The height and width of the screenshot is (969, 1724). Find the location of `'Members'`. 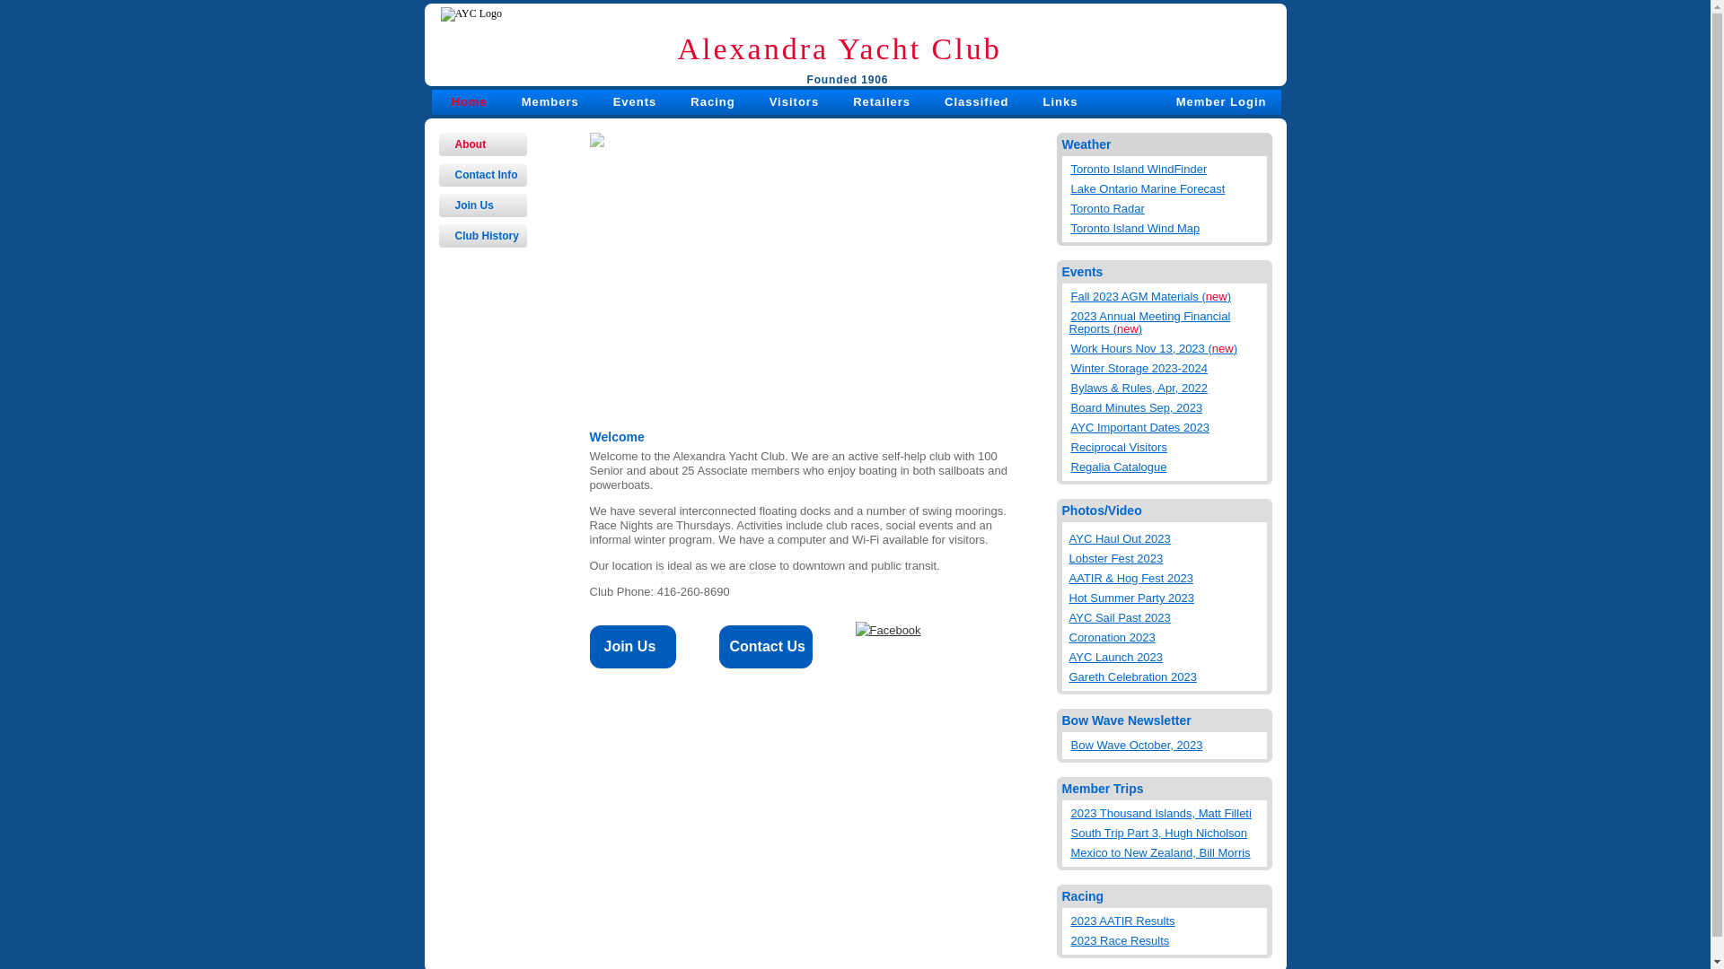

'Members' is located at coordinates (550, 101).